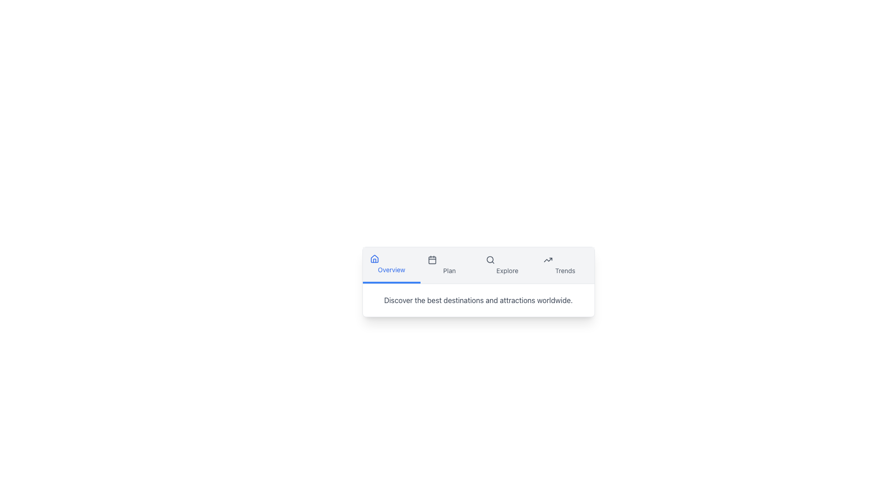  Describe the element at coordinates (478, 300) in the screenshot. I see `informational text displayed centrally within the white card-like structure, located below the navigation tabs labeled 'Overview,' 'Plan,' 'Explore,' and 'Trends.'` at that location.